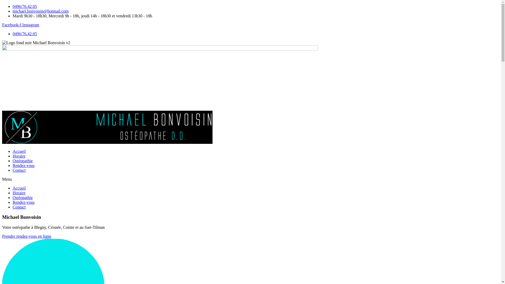 The image size is (505, 284). I want to click on 'Accueil', so click(19, 151).